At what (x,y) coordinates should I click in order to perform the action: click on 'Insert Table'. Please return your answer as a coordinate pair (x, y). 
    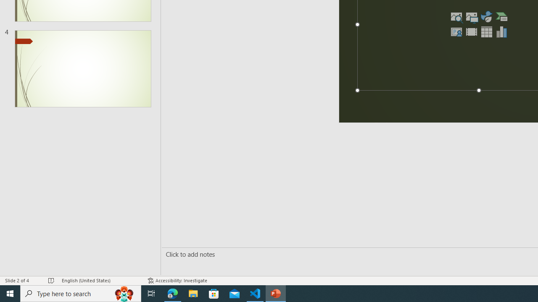
    Looking at the image, I should click on (486, 31).